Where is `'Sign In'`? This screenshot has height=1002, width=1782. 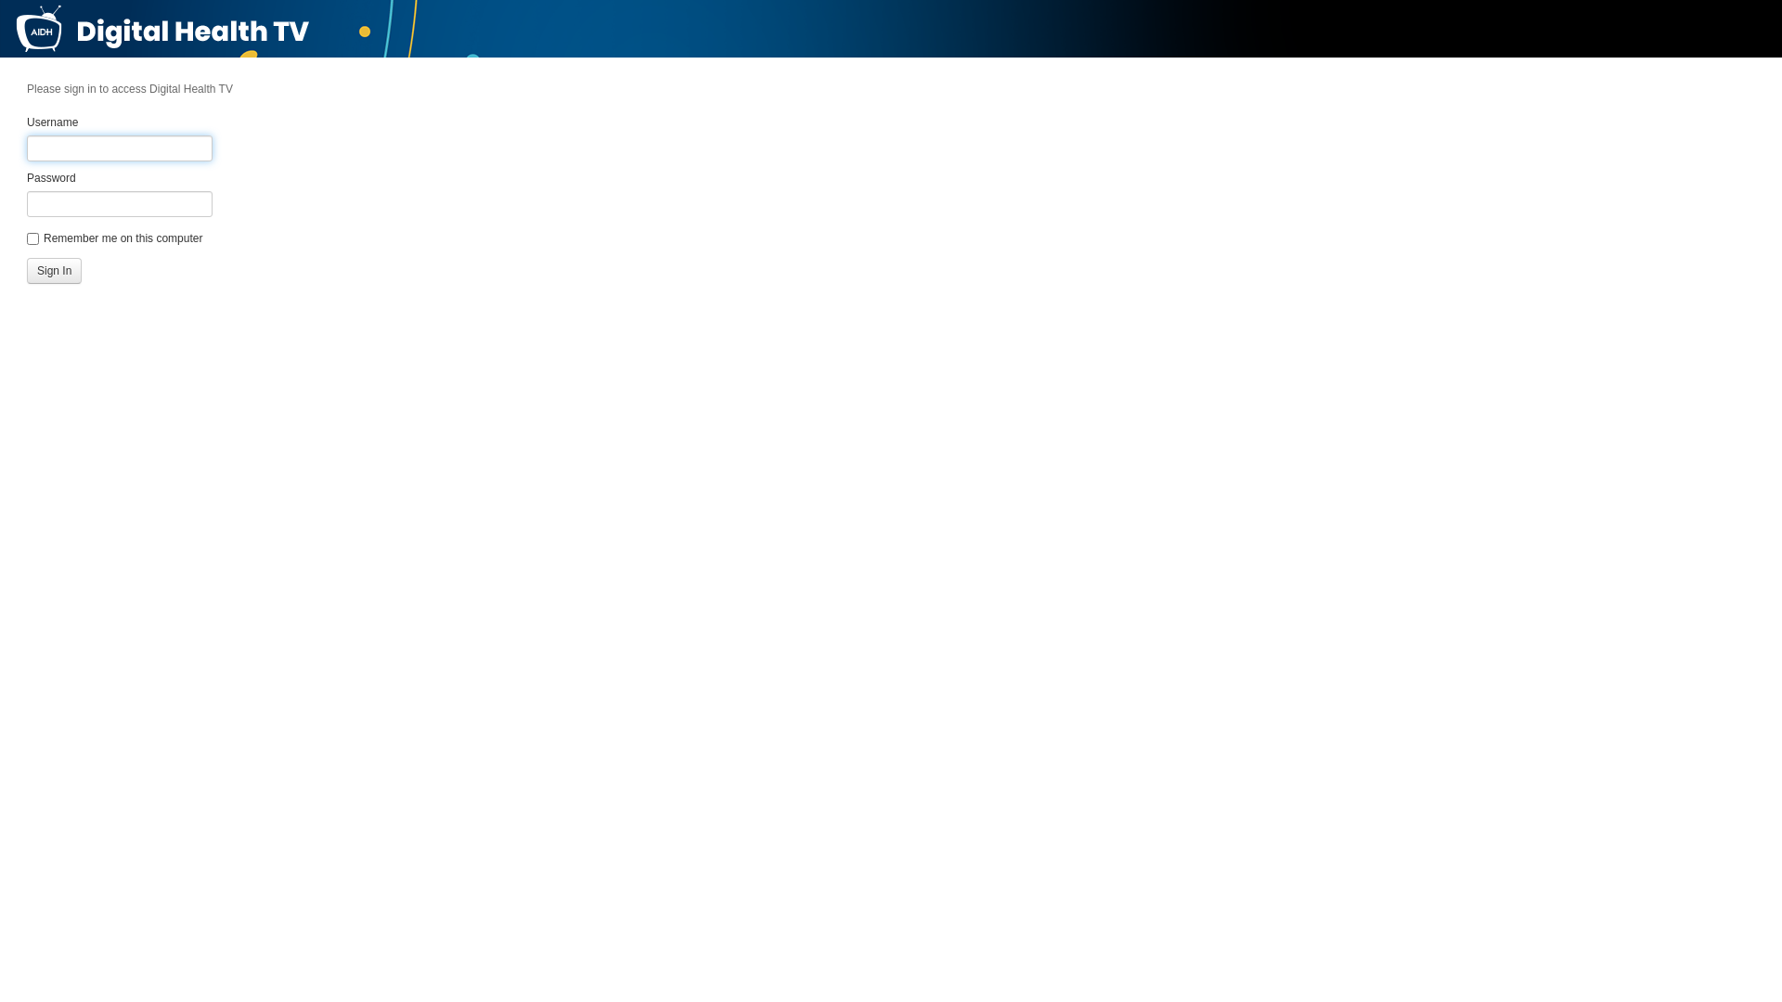
'Sign In' is located at coordinates (54, 271).